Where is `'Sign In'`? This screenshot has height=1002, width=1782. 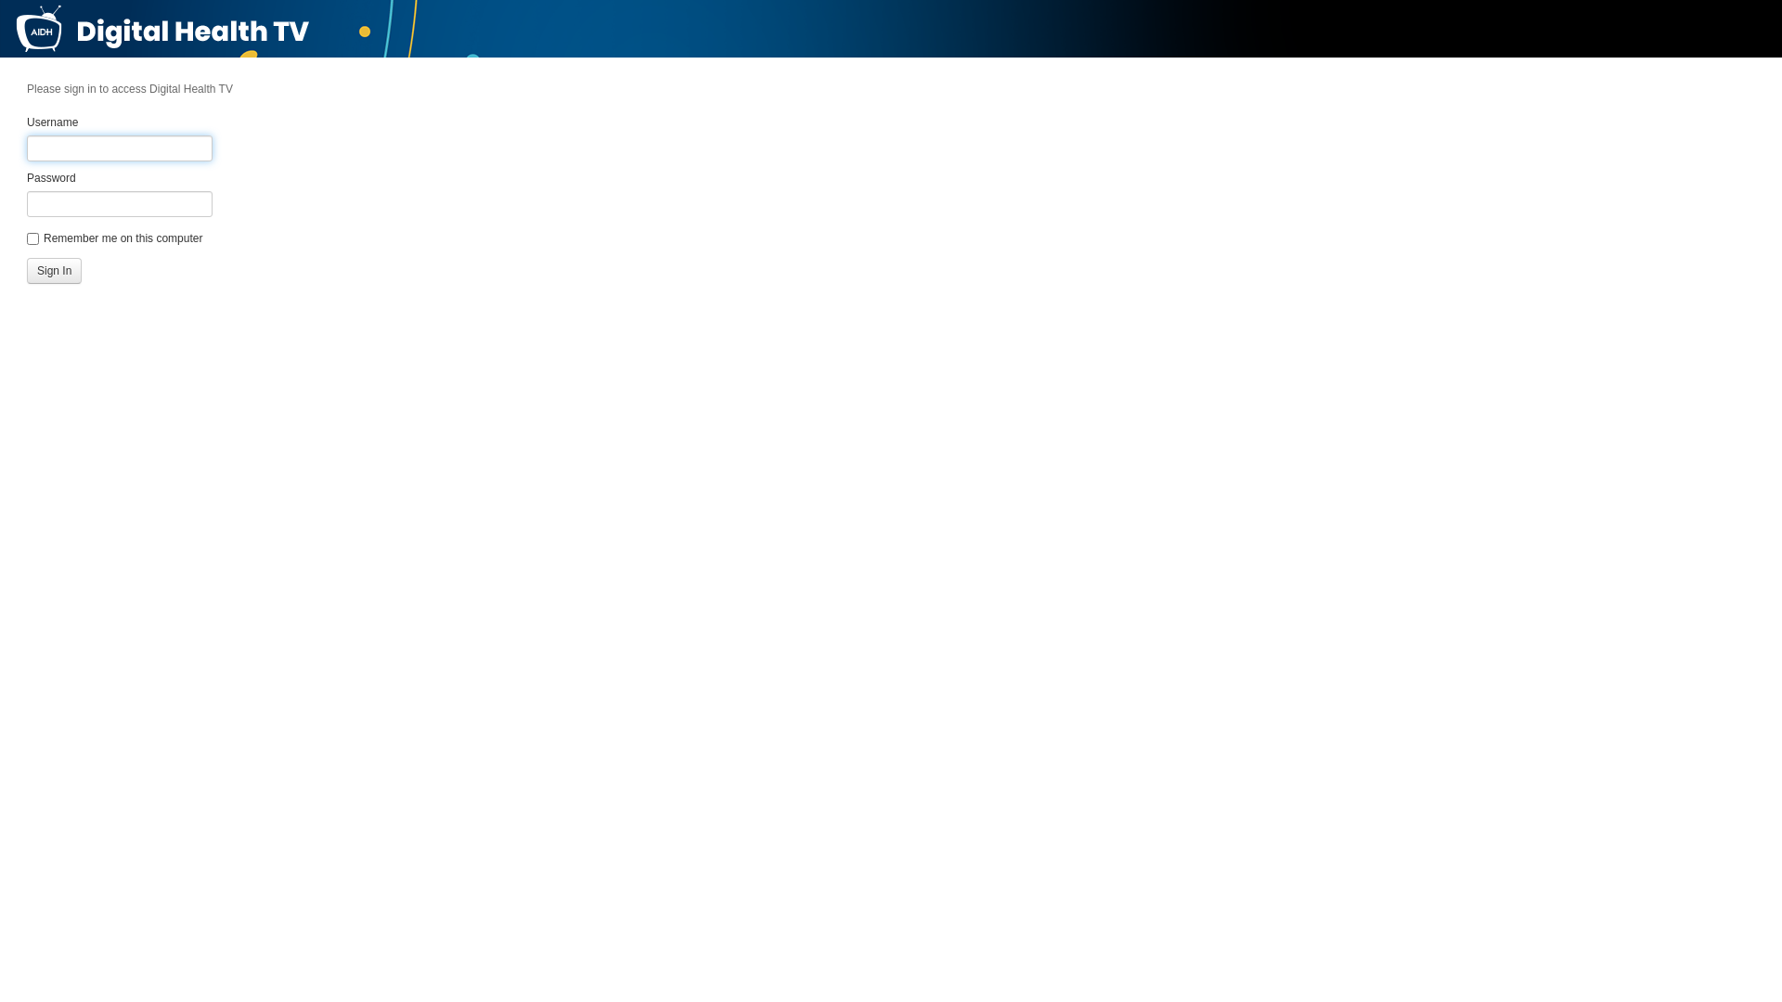
'Sign In' is located at coordinates (54, 271).